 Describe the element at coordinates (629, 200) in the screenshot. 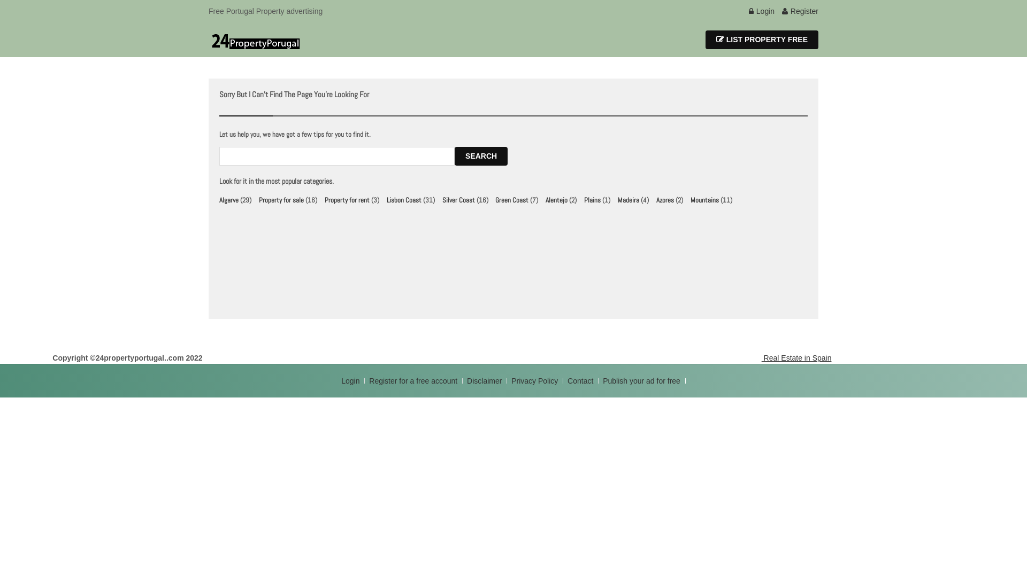

I see `'Madeira'` at that location.